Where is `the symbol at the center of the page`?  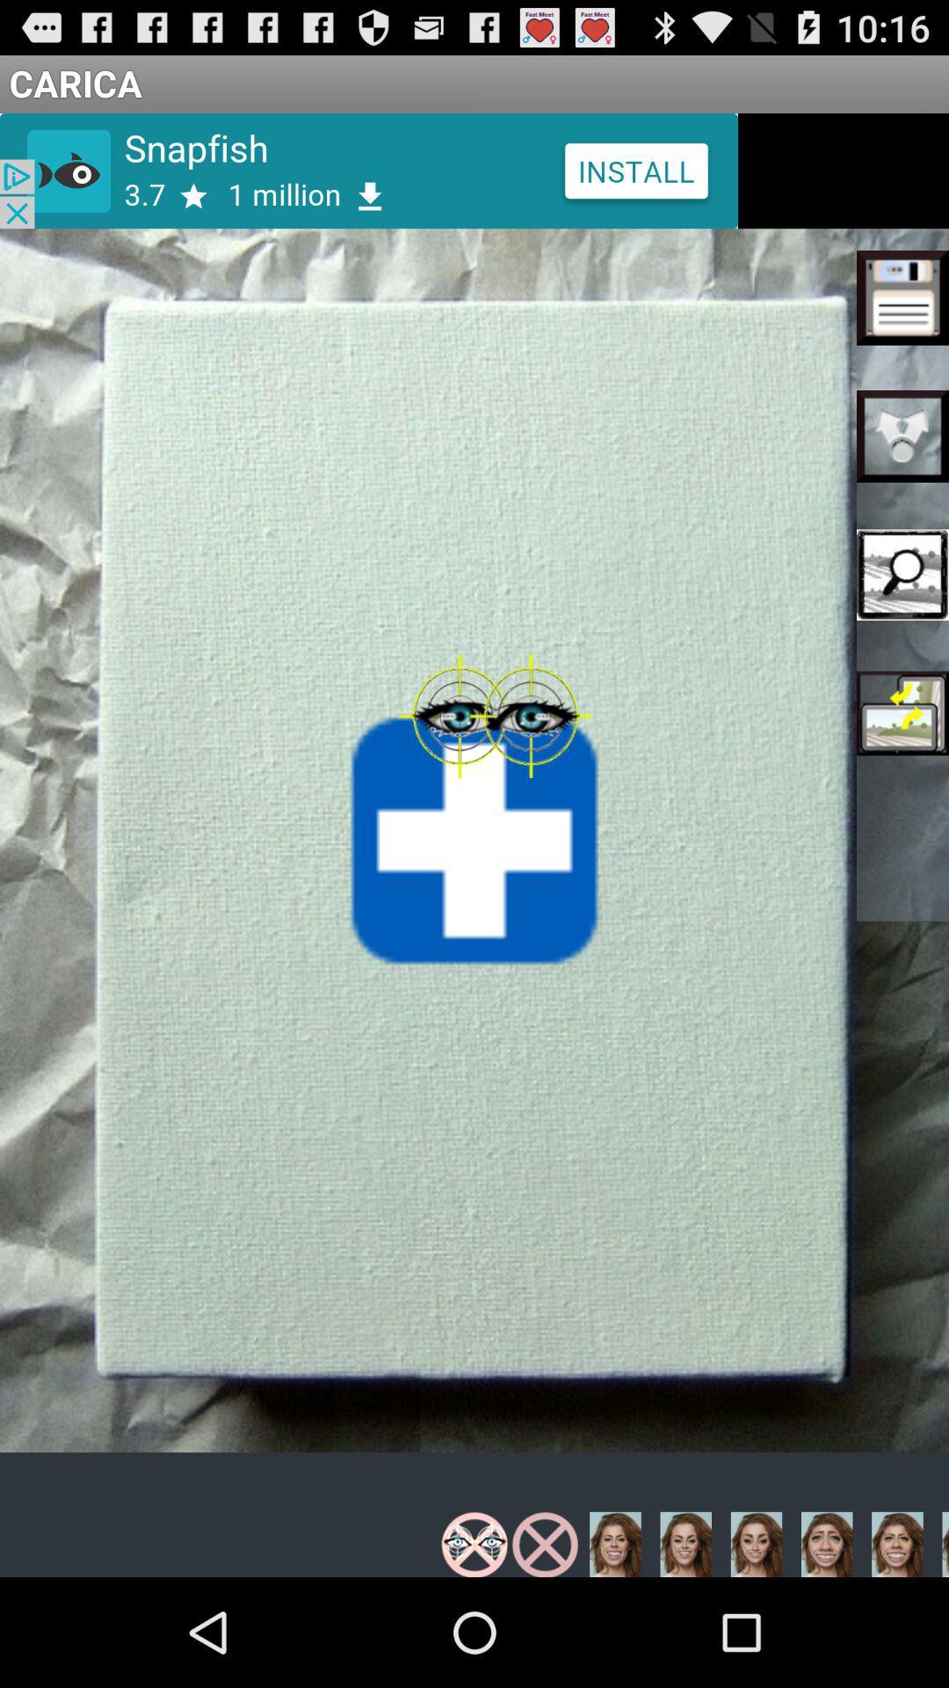
the symbol at the center of the page is located at coordinates (474, 839).